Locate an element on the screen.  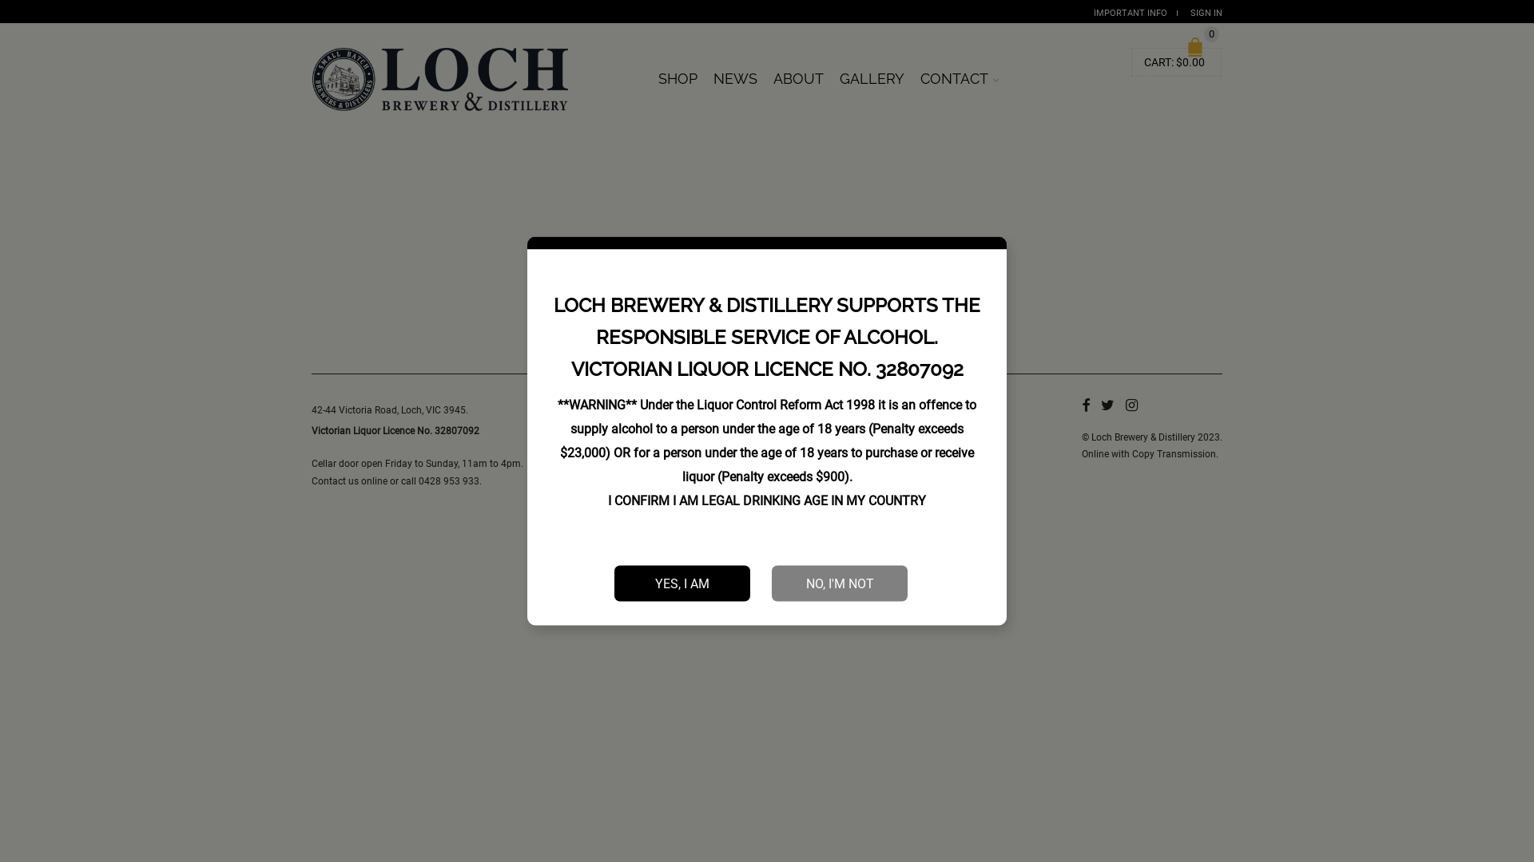
'ABOUT' is located at coordinates (798, 79).